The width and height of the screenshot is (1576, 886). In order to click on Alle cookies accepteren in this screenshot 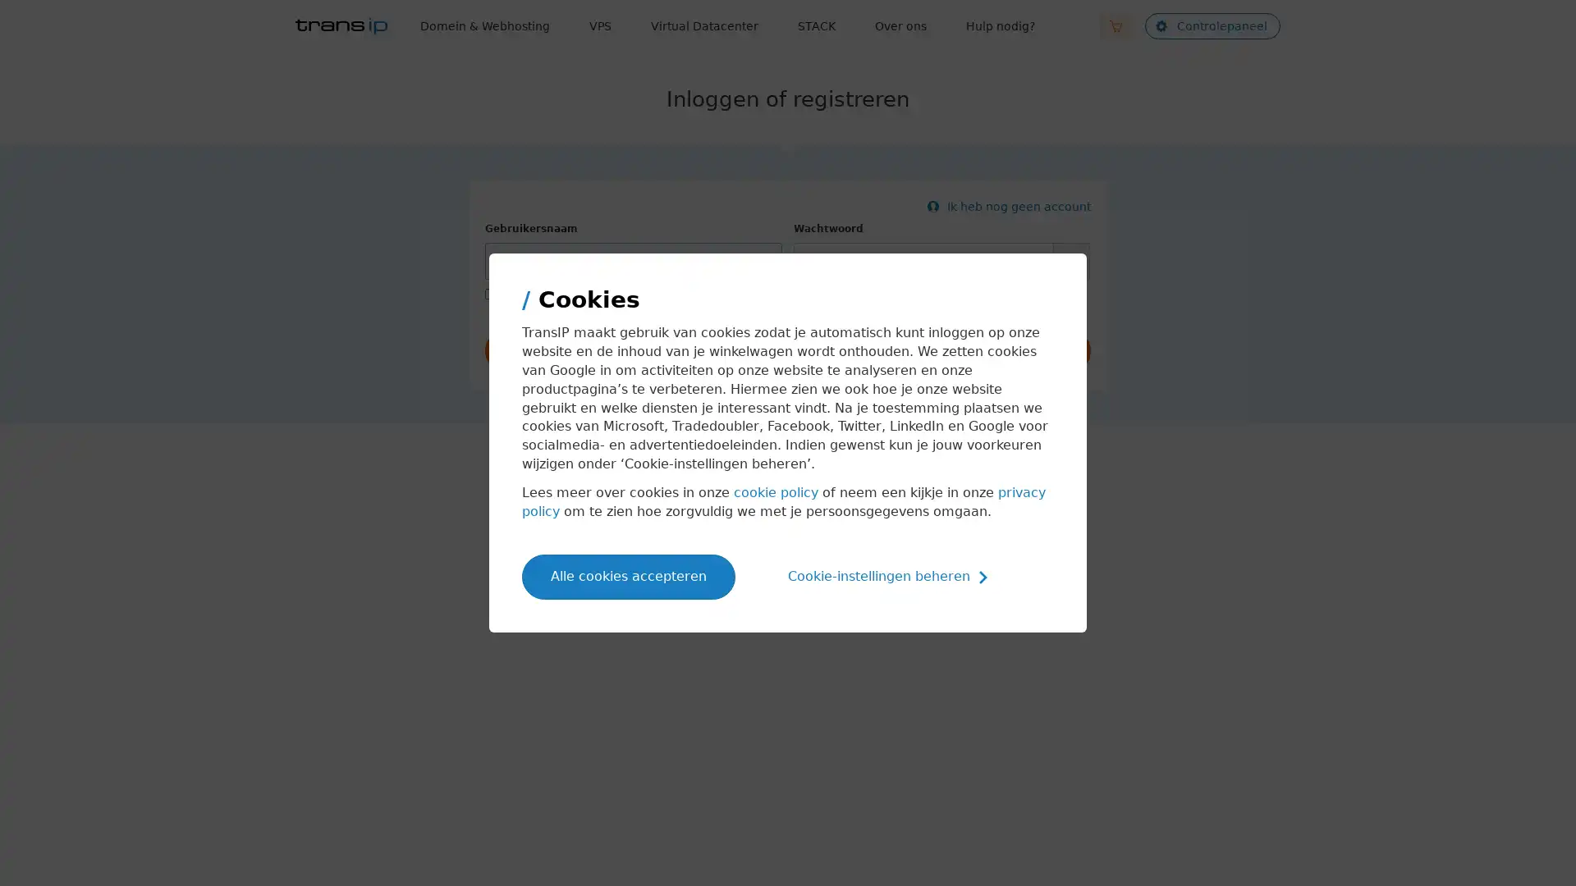, I will do `click(628, 575)`.